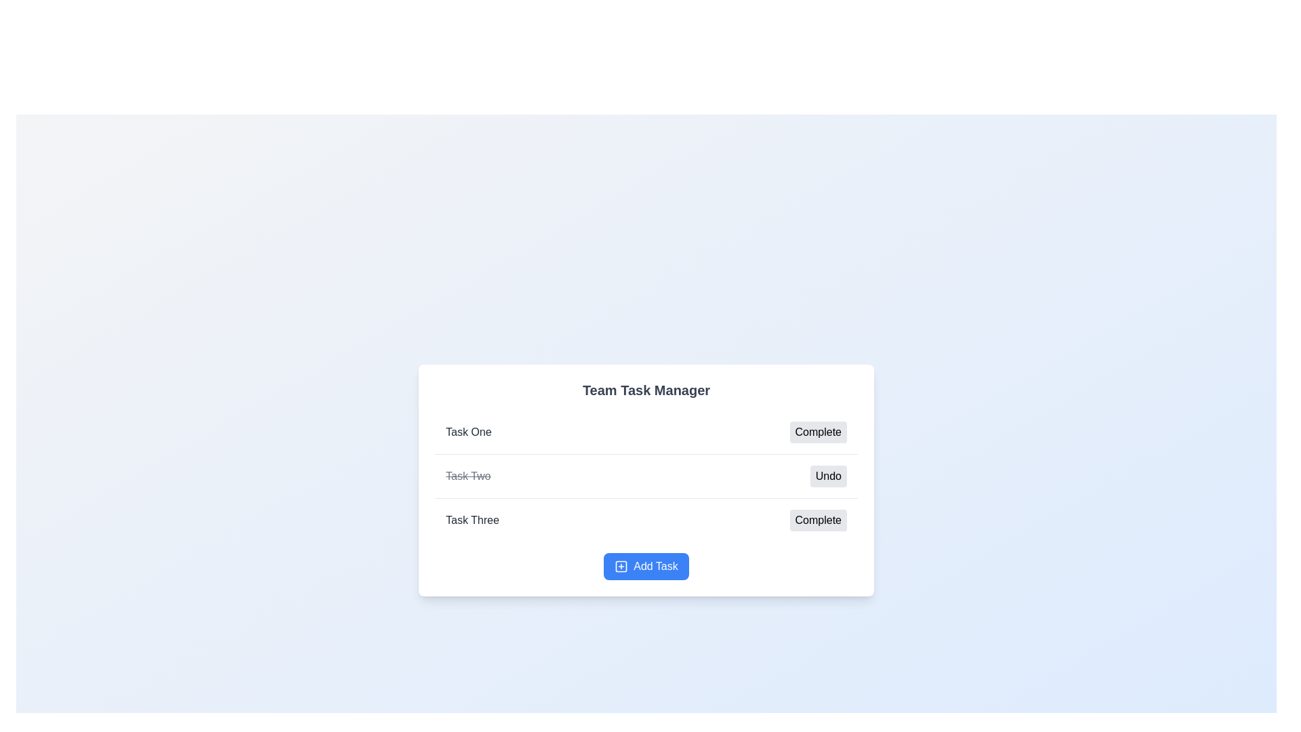 Image resolution: width=1301 pixels, height=732 pixels. What do you see at coordinates (646, 567) in the screenshot?
I see `the 'Add Task' button to add a new task` at bounding box center [646, 567].